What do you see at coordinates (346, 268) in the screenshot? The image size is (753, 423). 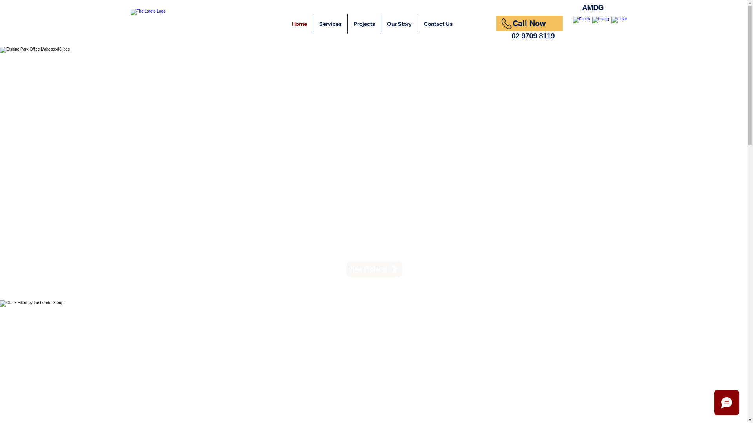 I see `'View Projects'` at bounding box center [346, 268].